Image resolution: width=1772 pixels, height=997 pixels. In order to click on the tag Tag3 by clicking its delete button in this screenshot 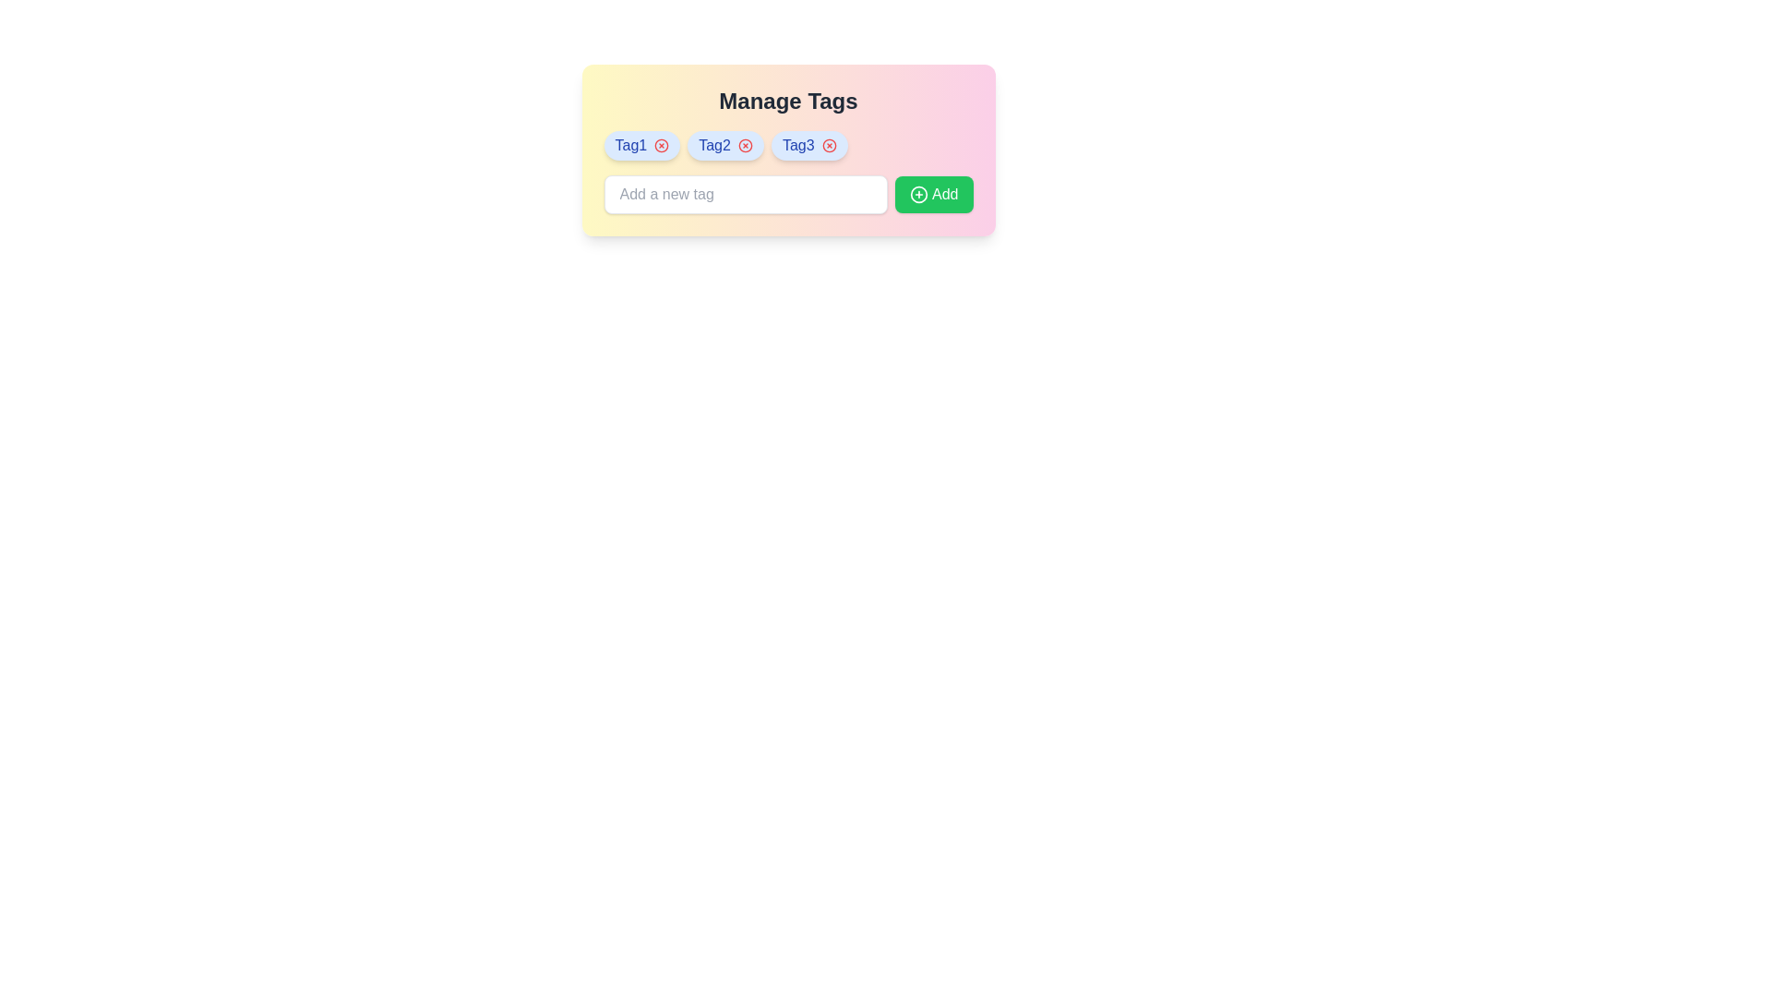, I will do `click(828, 145)`.